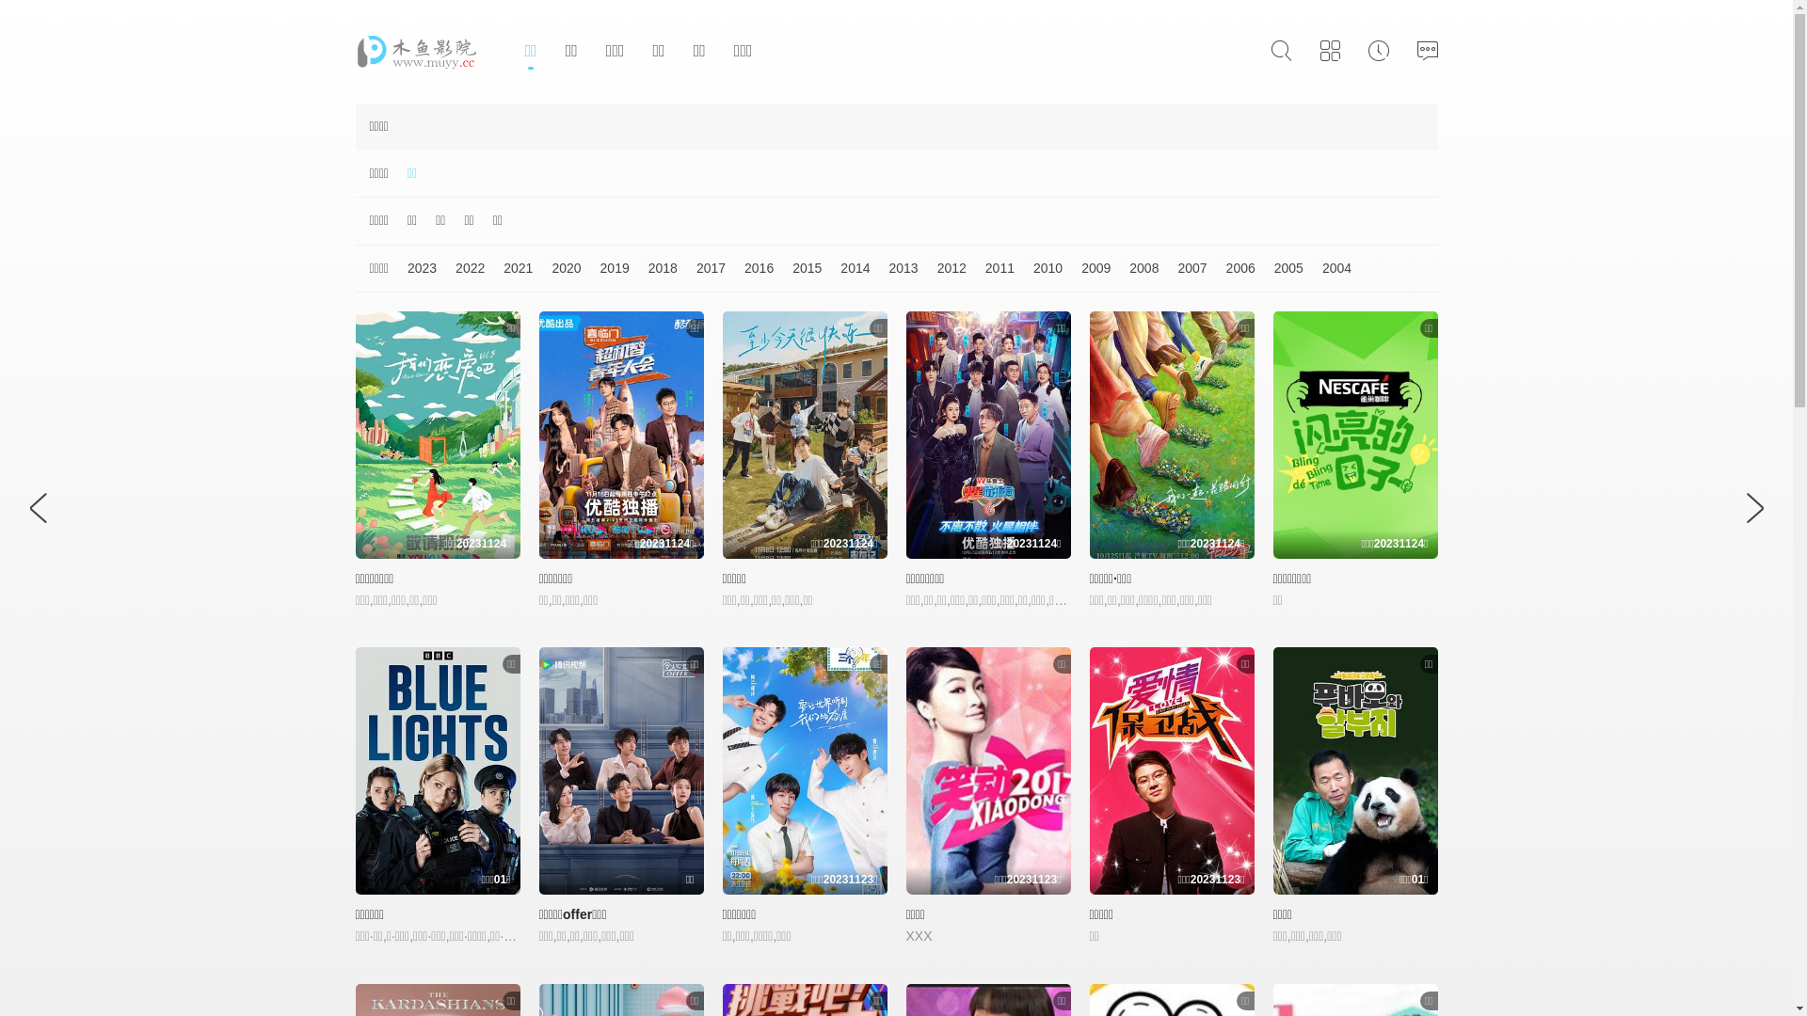 This screenshot has height=1016, width=1807. I want to click on '2023', so click(411, 268).